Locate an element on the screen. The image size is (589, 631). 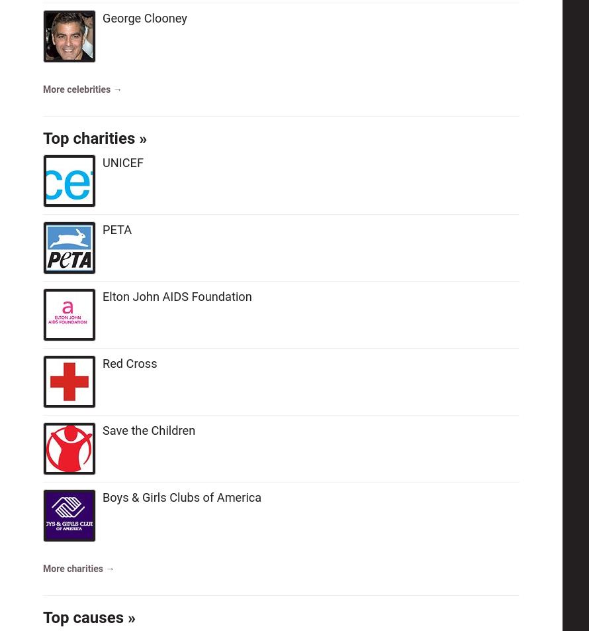
'George Clooney' is located at coordinates (144, 18).